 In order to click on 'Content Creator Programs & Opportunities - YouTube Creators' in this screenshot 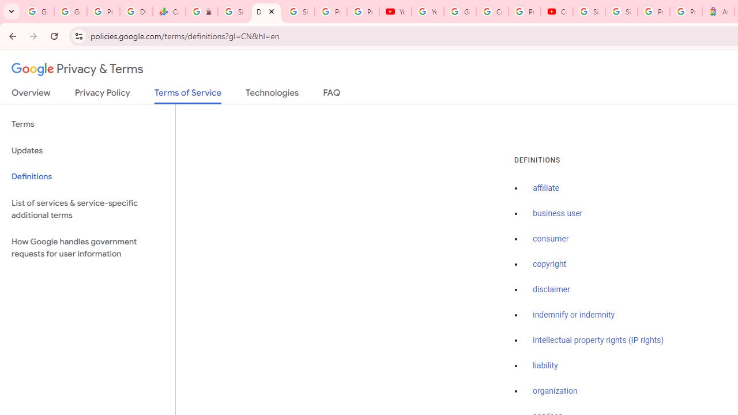, I will do `click(557, 12)`.